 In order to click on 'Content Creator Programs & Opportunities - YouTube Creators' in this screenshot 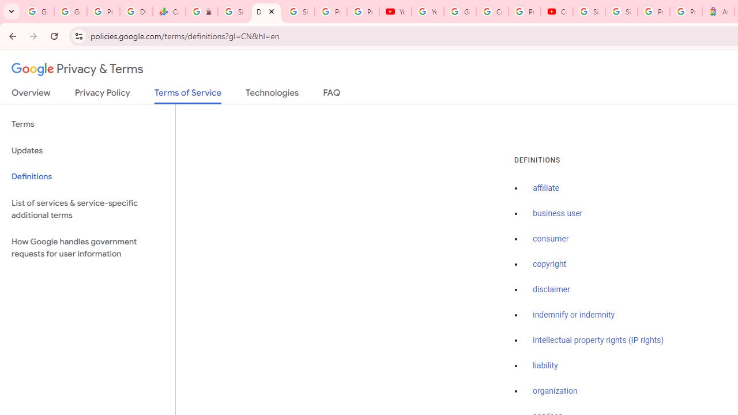, I will do `click(557, 12)`.